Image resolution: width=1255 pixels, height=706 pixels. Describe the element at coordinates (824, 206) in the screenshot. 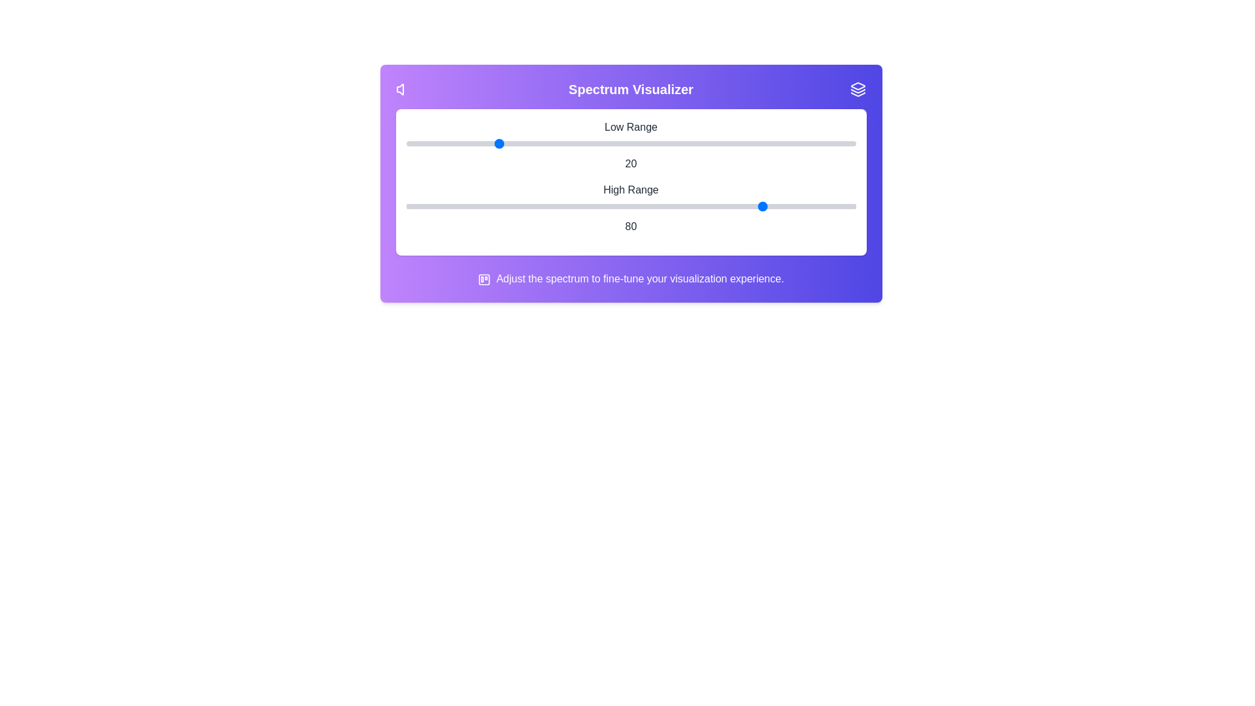

I see `the high range slider to 93` at that location.